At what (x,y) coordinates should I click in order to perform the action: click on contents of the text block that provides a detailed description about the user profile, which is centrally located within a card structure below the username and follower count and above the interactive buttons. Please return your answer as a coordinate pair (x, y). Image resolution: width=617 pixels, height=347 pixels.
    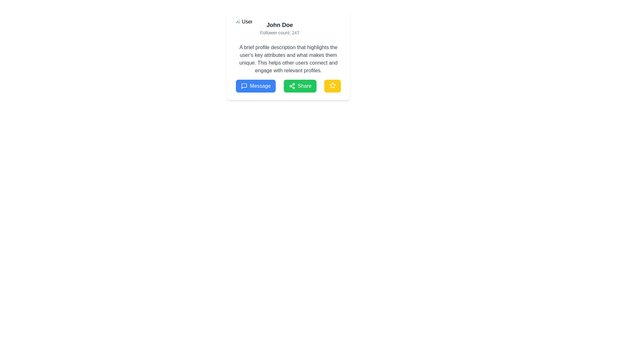
    Looking at the image, I should click on (288, 59).